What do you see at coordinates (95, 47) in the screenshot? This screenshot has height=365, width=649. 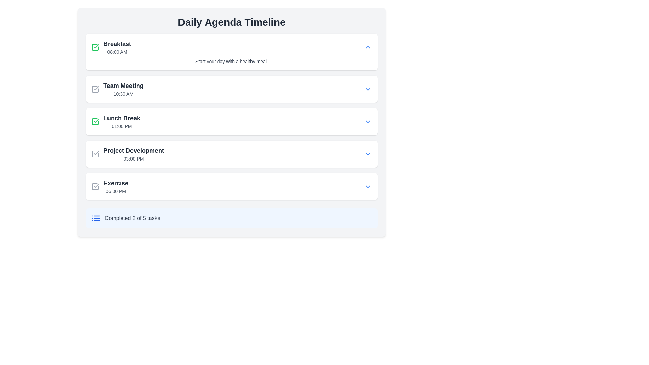 I see `the green checkbox icon representing a completed task, which is located to the left of the 'Breakfast' text in the first list item of the agenda timeline` at bounding box center [95, 47].